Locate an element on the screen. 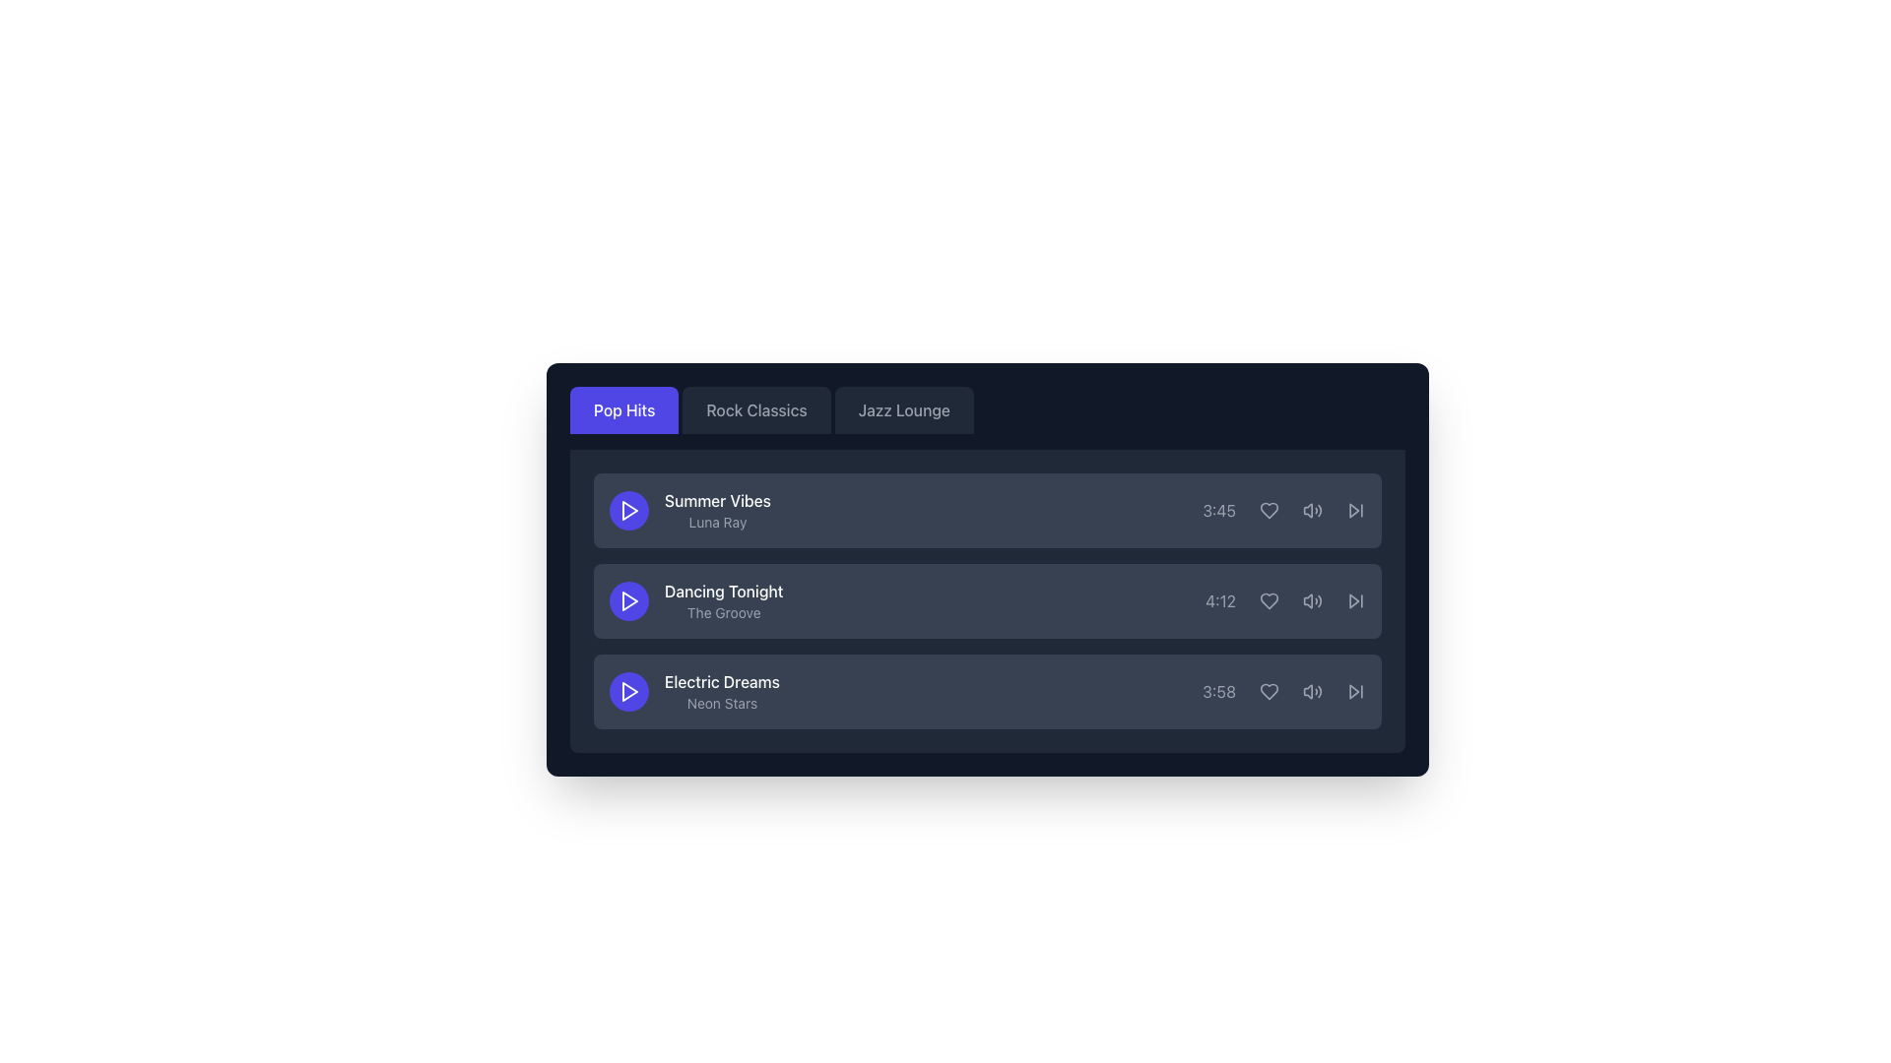  the circular button with a purple background and white play icon, located at the leftmost side of the row containing the text 'Summer Vibes' and 'Luna Ray', to potentially see additional effects is located at coordinates (627, 510).